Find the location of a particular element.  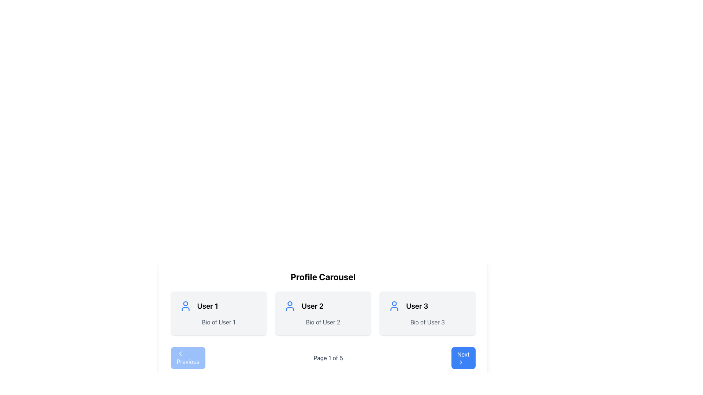

the lower part of the user icon within the 'User 2' profile card located in the center of the carousel is located at coordinates (289, 309).